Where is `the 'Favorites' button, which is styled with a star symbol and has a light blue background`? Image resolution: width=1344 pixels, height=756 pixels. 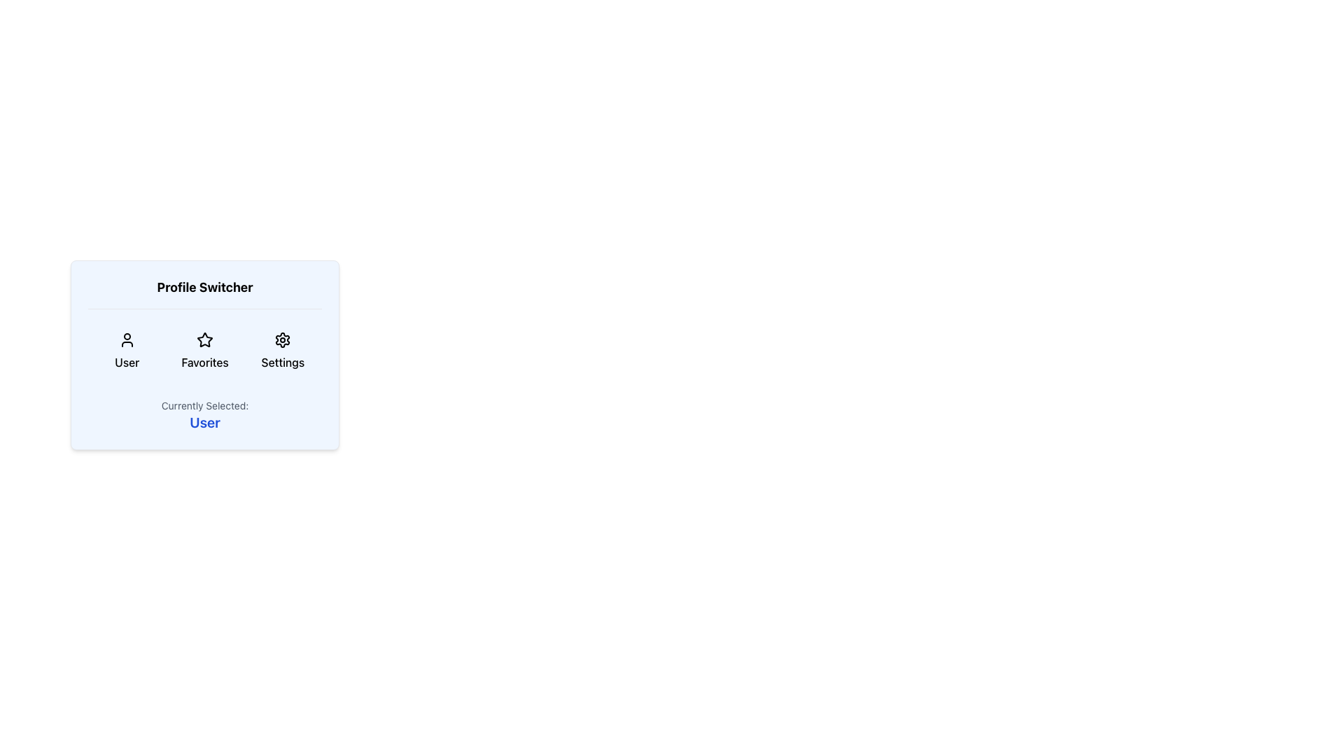
the 'Favorites' button, which is styled with a star symbol and has a light blue background is located at coordinates (204, 350).